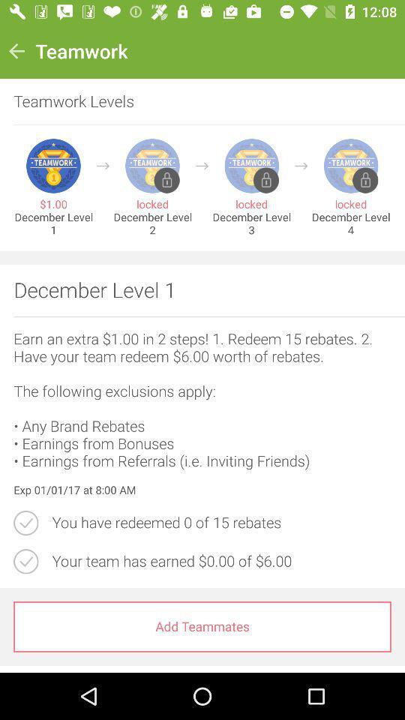 The image size is (405, 720). I want to click on icon above teamwork levels, so click(16, 51).